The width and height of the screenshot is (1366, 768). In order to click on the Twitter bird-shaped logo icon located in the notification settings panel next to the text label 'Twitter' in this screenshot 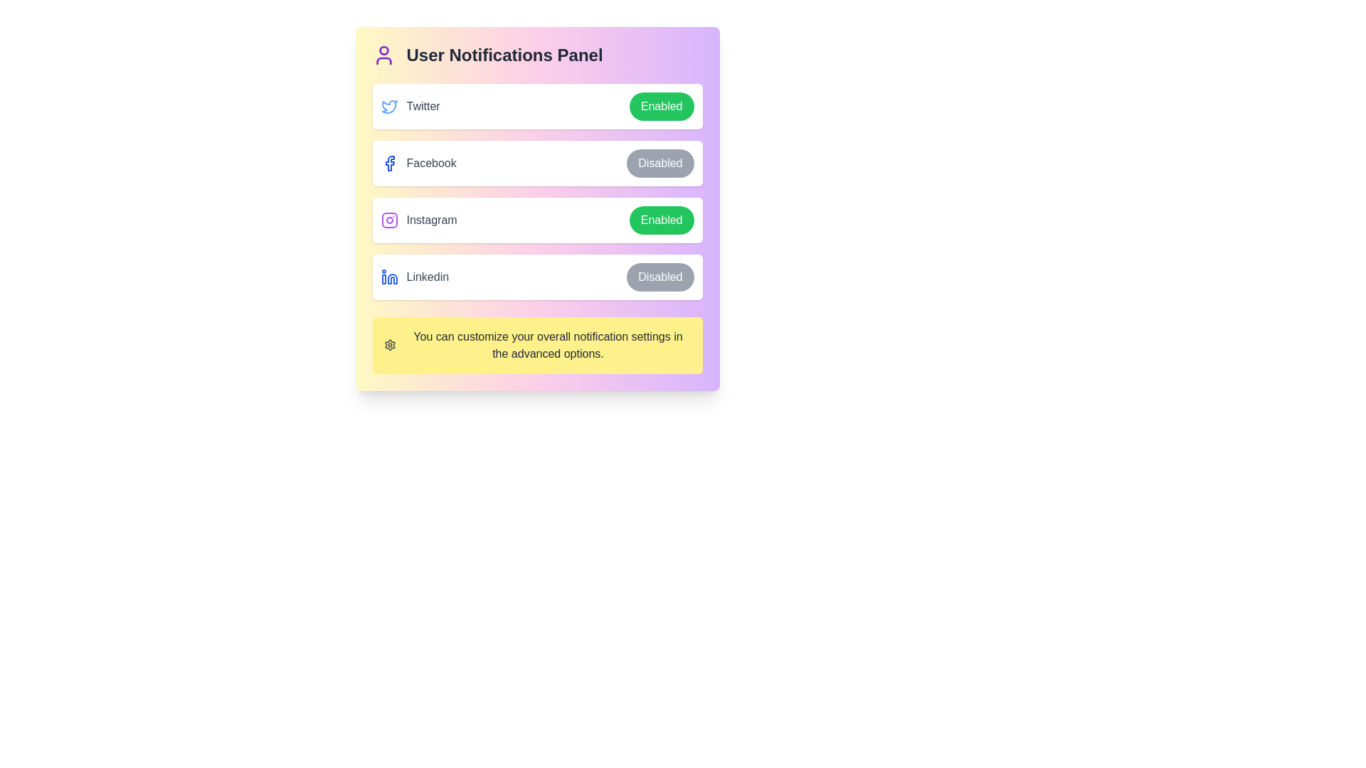, I will do `click(389, 106)`.